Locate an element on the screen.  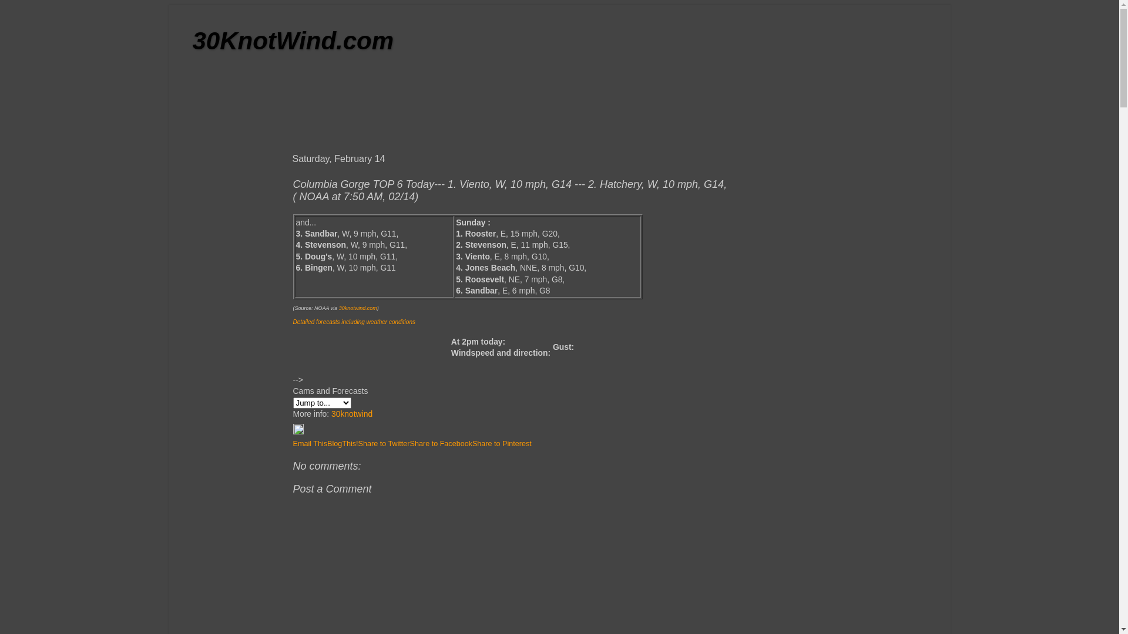
'Share to Pinterest' is located at coordinates (502, 444).